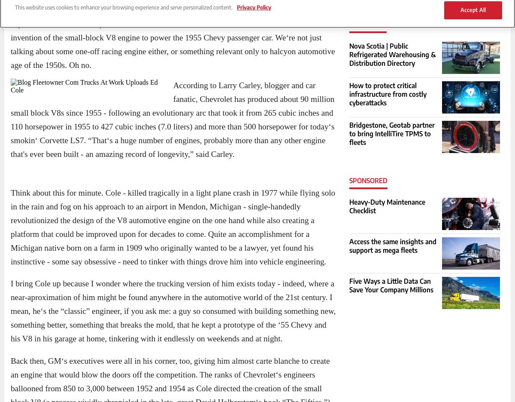  What do you see at coordinates (173, 310) in the screenshot?
I see `'I bring Cole up because I wonder where the trucking version of him exists today - indeed, where a near-aproximation of him might be found anywhere in the automotive world of the 21st century. I mean, he‘s the “classic” engineer, if you ask me: a guy so consumed with building something new, something better, something that breaks the mold, that he kept a prototype of the ‘55 Chevy and his V8 in his garage at home, tinkering with it endlessly on weekends and at night.'` at bounding box center [173, 310].